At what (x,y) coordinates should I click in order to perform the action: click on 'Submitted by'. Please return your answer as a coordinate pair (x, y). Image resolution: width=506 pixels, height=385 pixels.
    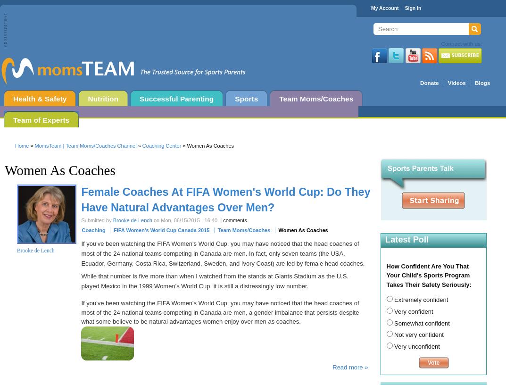
    Looking at the image, I should click on (97, 219).